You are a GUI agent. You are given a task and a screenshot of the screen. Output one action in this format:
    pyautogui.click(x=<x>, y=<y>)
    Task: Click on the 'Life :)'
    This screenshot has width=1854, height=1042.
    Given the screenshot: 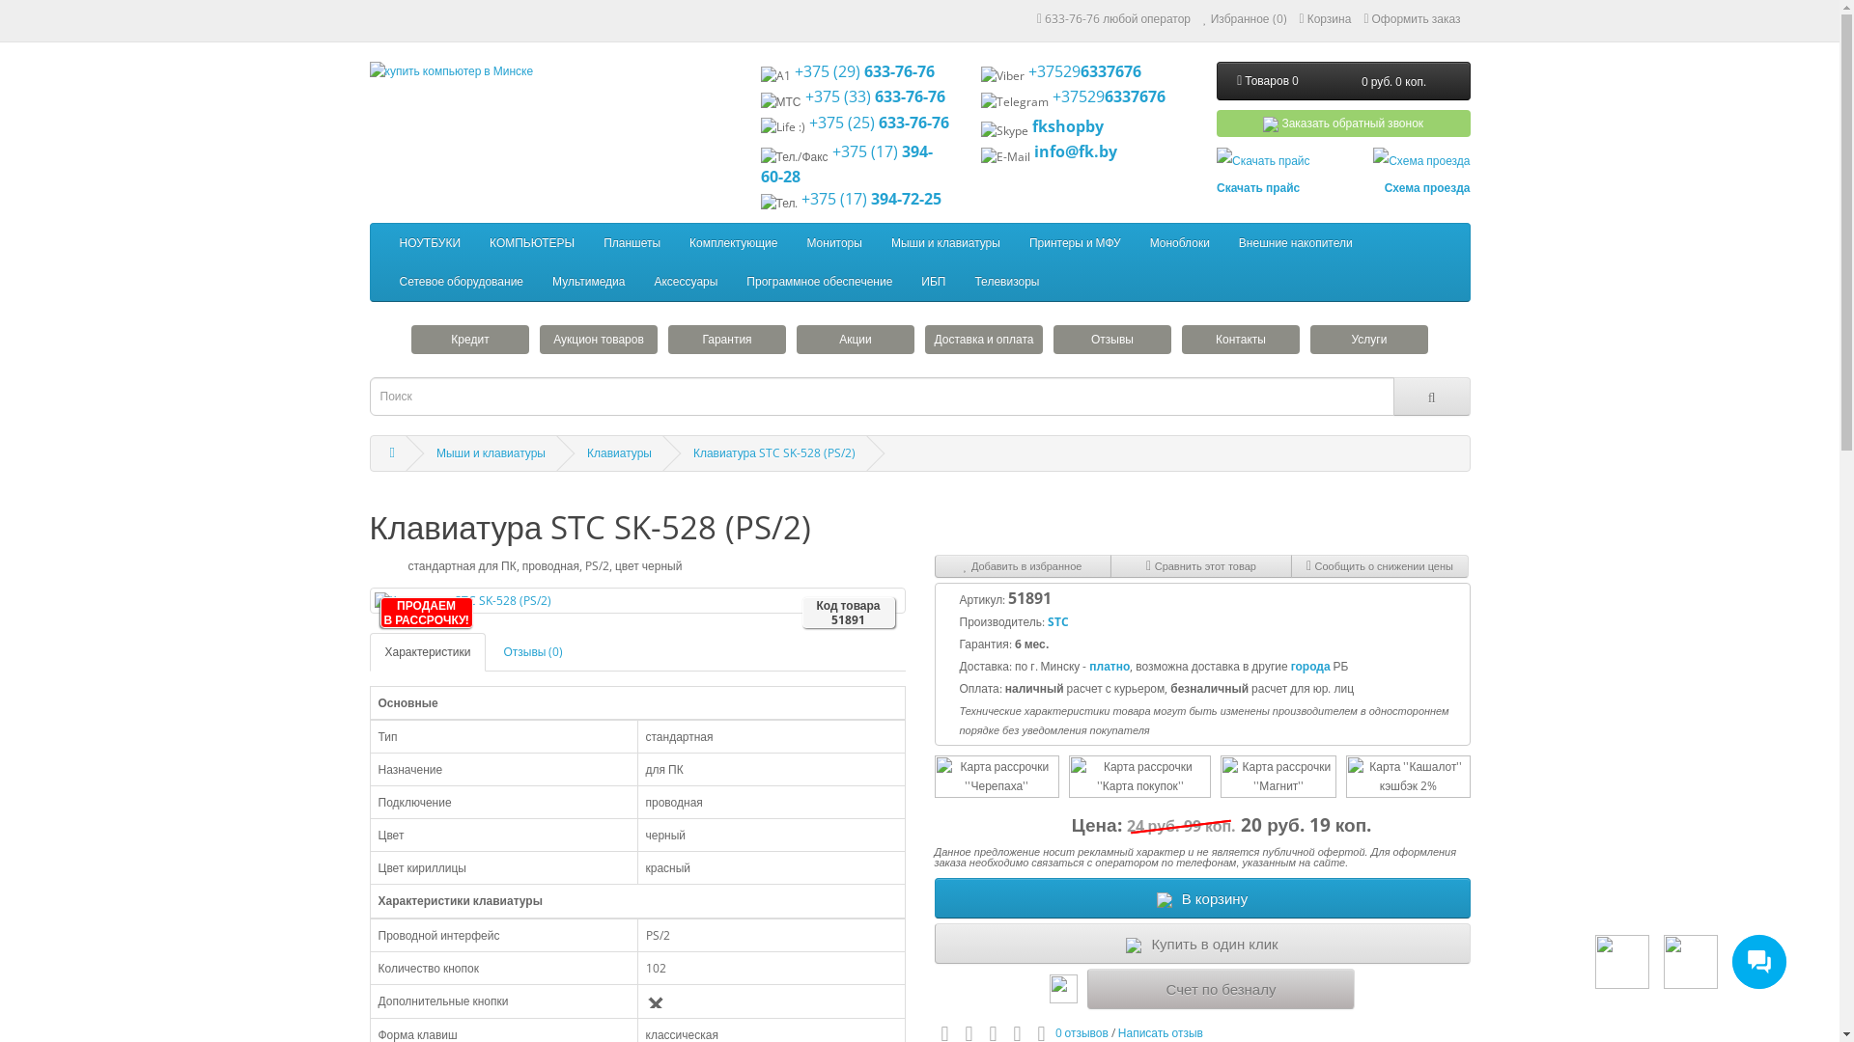 What is the action you would take?
    pyautogui.click(x=783, y=126)
    